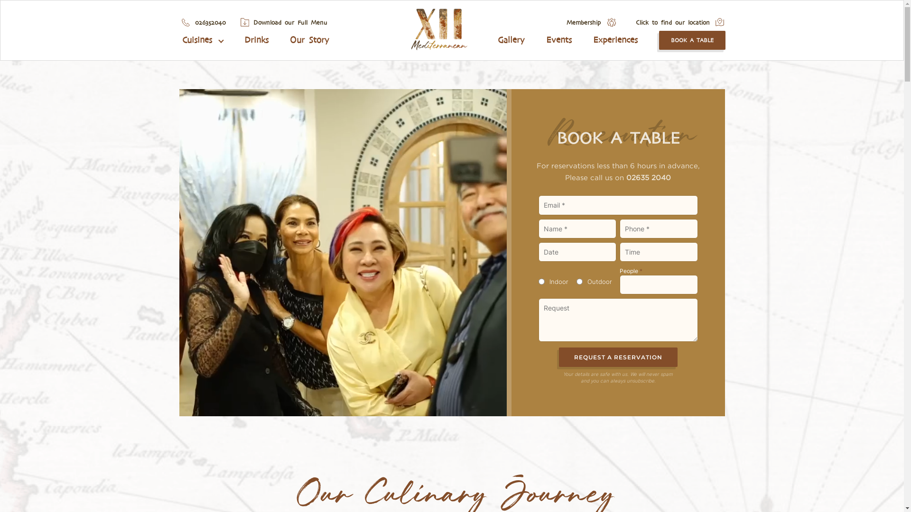 The image size is (911, 512). What do you see at coordinates (309, 39) in the screenshot?
I see `'Our Story'` at bounding box center [309, 39].